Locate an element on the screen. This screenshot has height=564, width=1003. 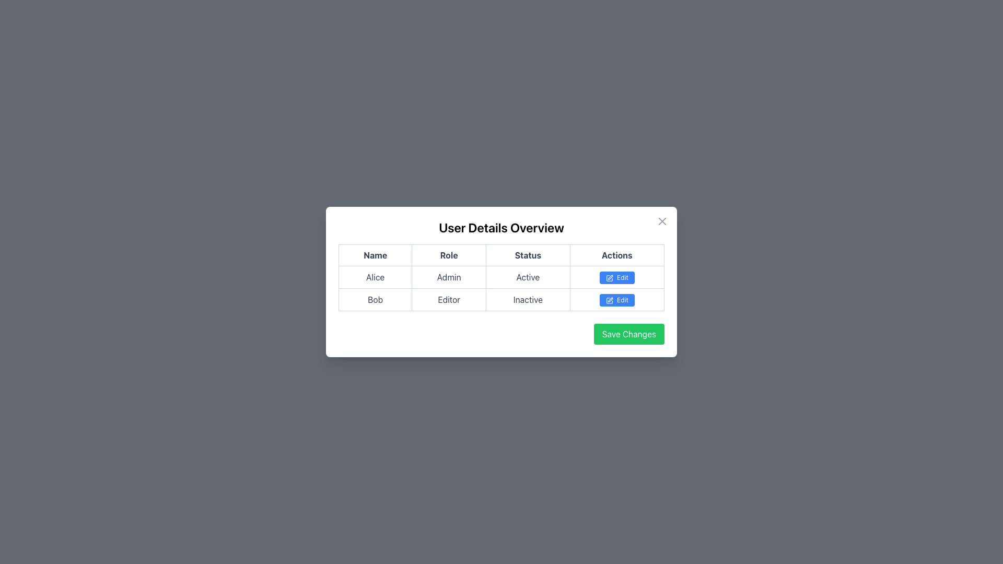
the edit icon inside the blue button labeled 'Edit' located in the top-right corner of the second row under the 'Actions' column is located at coordinates (609, 300).